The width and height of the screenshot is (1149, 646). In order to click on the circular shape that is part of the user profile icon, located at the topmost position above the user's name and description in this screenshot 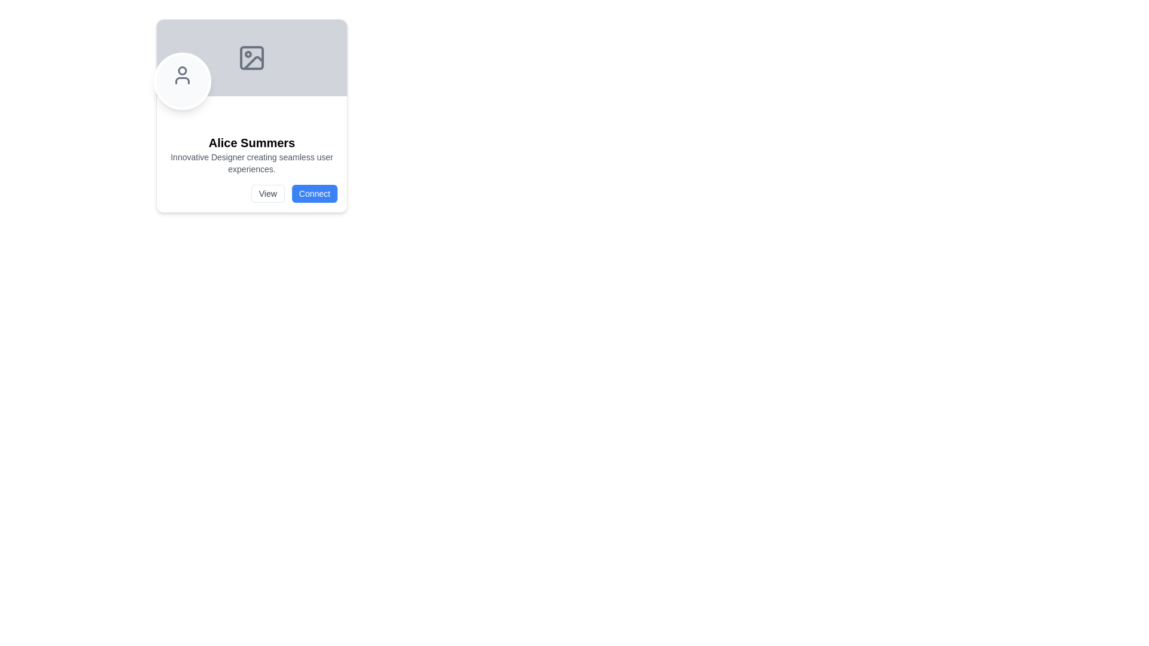, I will do `click(182, 71)`.